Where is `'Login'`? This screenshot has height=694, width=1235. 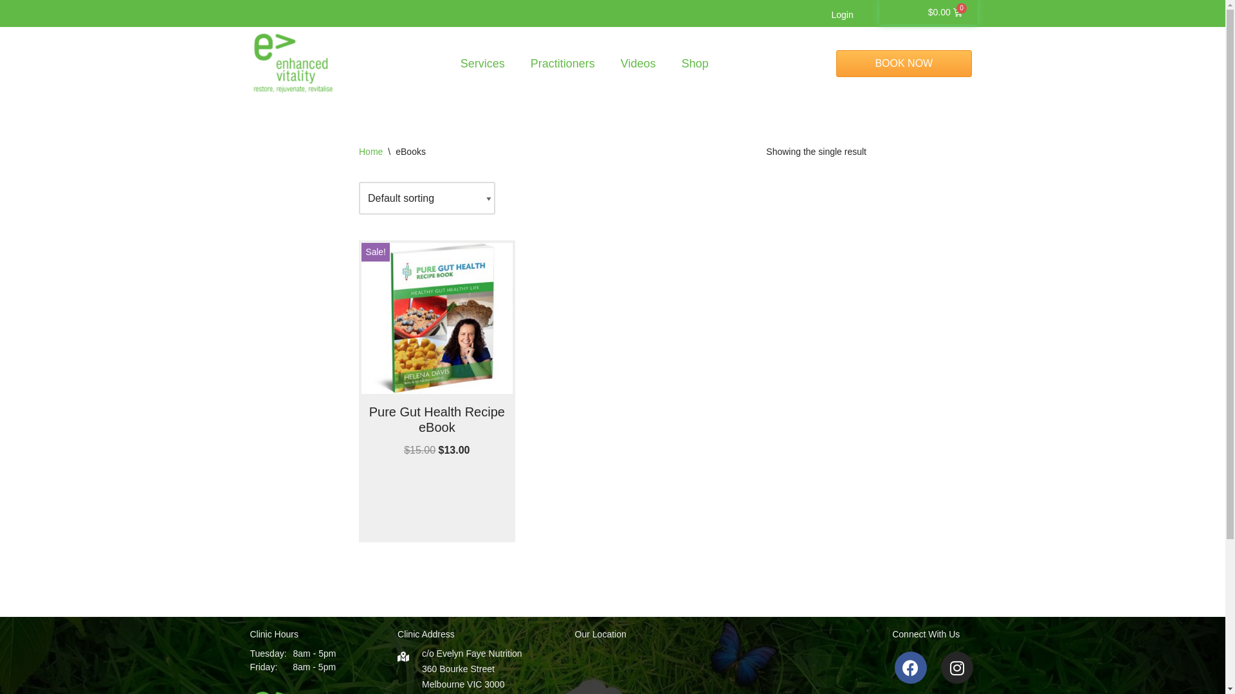
'Login' is located at coordinates (818, 15).